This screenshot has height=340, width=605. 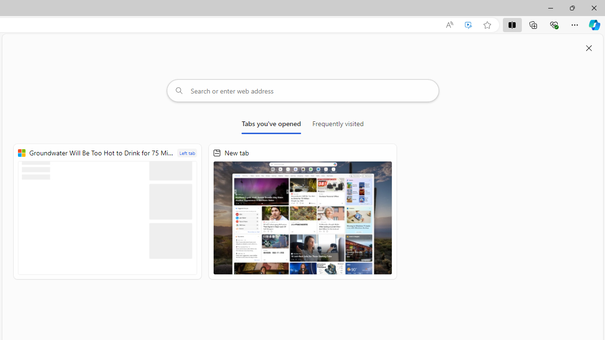 I want to click on 'Frequently visited', so click(x=338, y=125).